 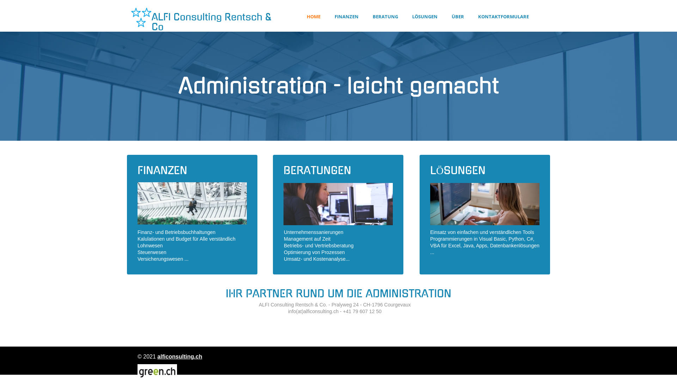 I want to click on 'KONTAKTFORMULARE', so click(x=503, y=16).